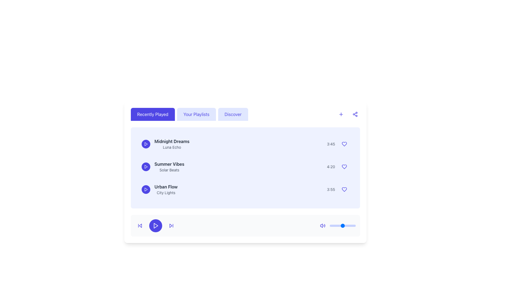 The height and width of the screenshot is (292, 519). Describe the element at coordinates (331, 167) in the screenshot. I see `the static text label displaying the timestamp '4:20', which is positioned in the second row of a list in the music playback interface` at that location.